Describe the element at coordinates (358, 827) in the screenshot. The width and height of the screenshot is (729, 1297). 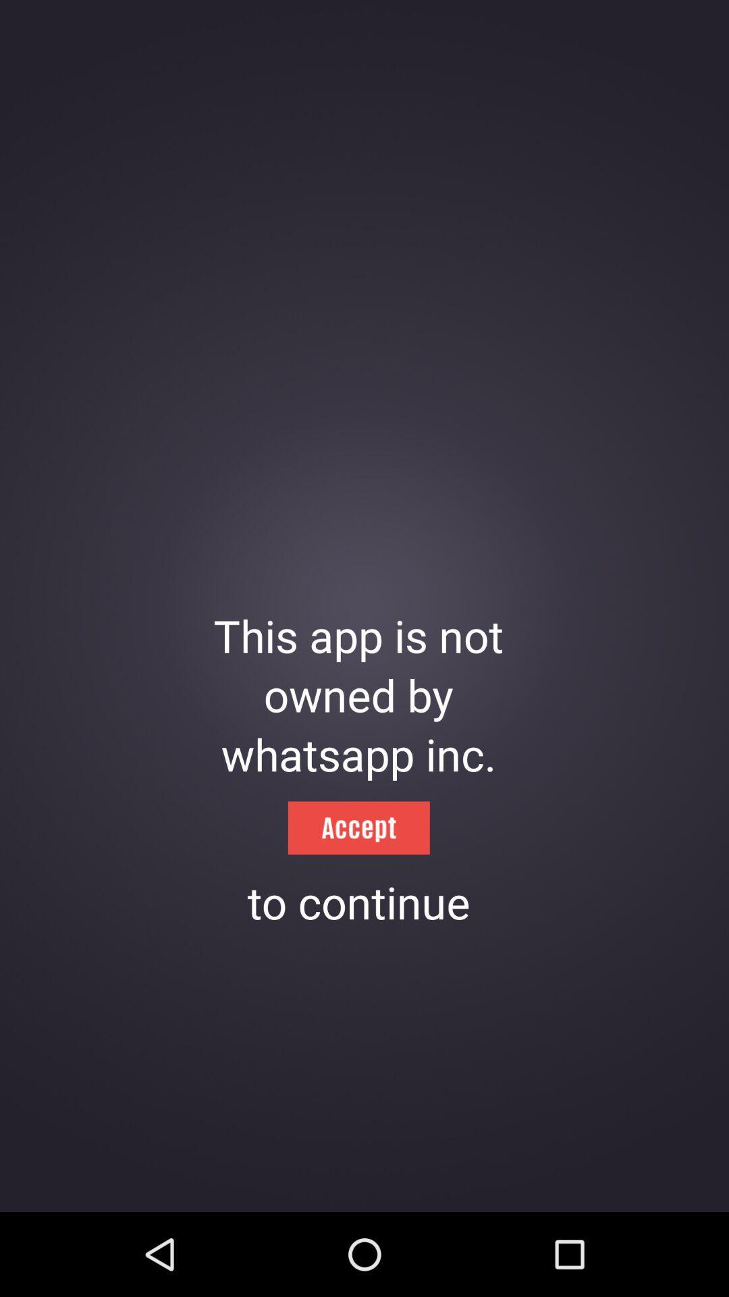
I see `accept conditions` at that location.